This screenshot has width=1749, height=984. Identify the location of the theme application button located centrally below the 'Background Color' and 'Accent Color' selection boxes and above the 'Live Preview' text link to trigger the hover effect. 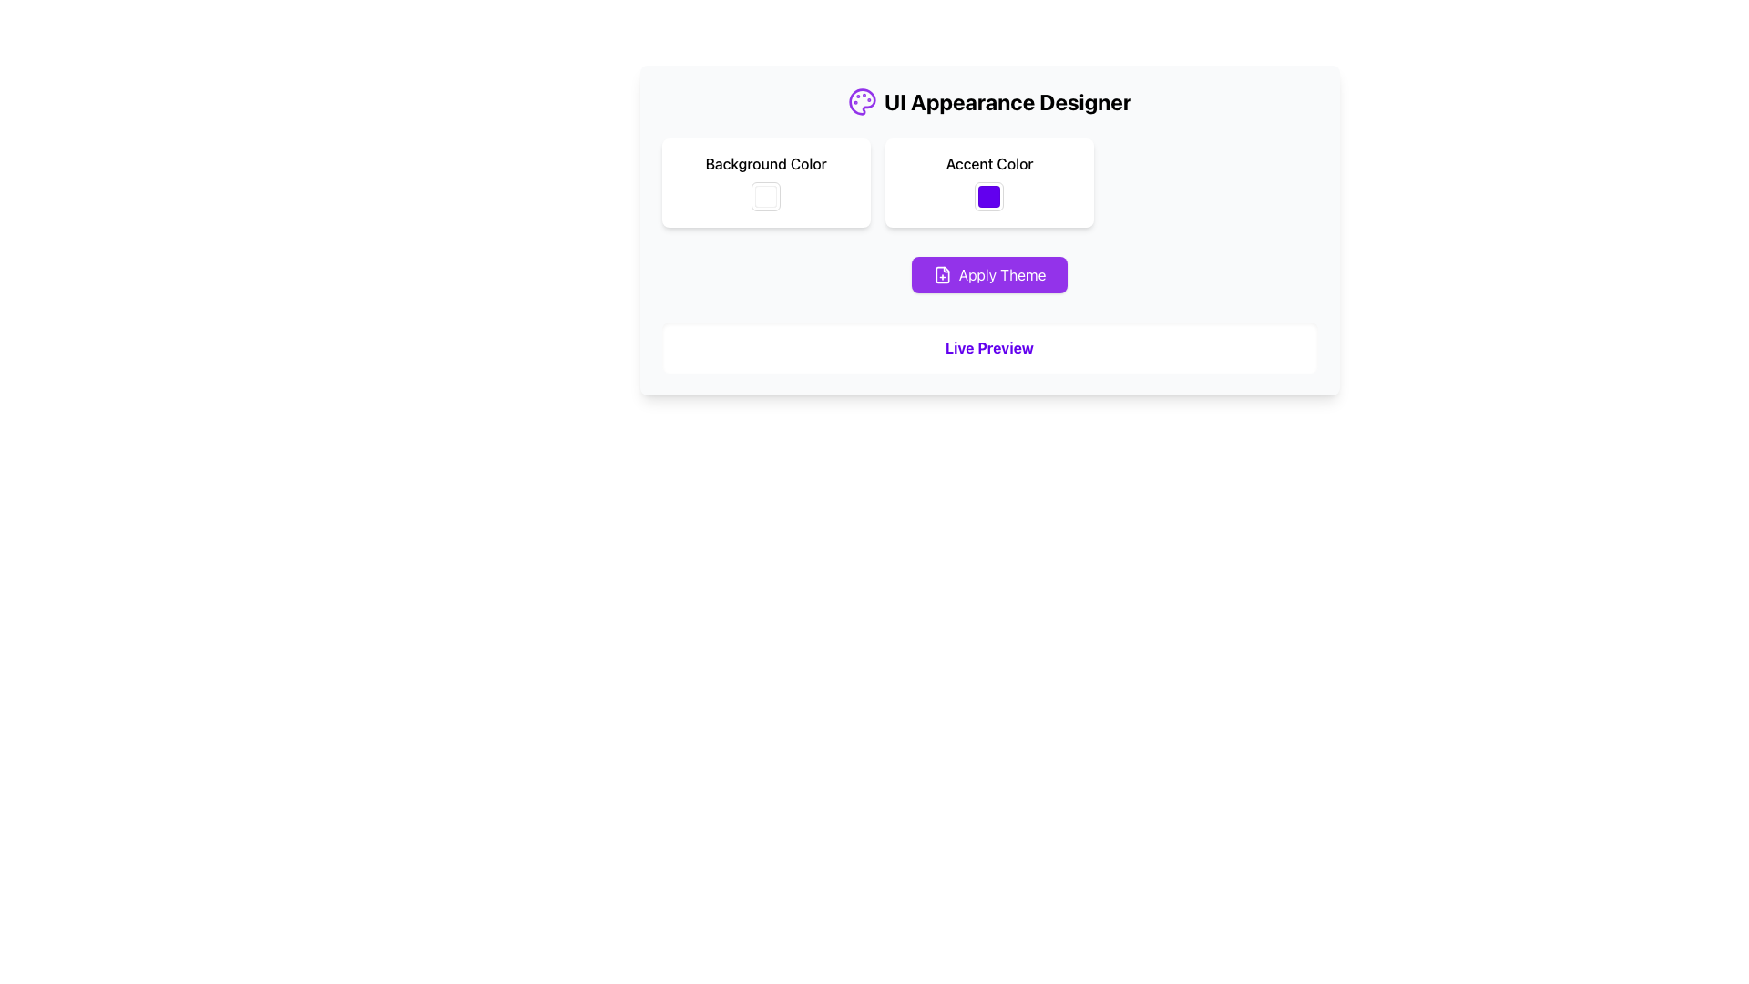
(988, 274).